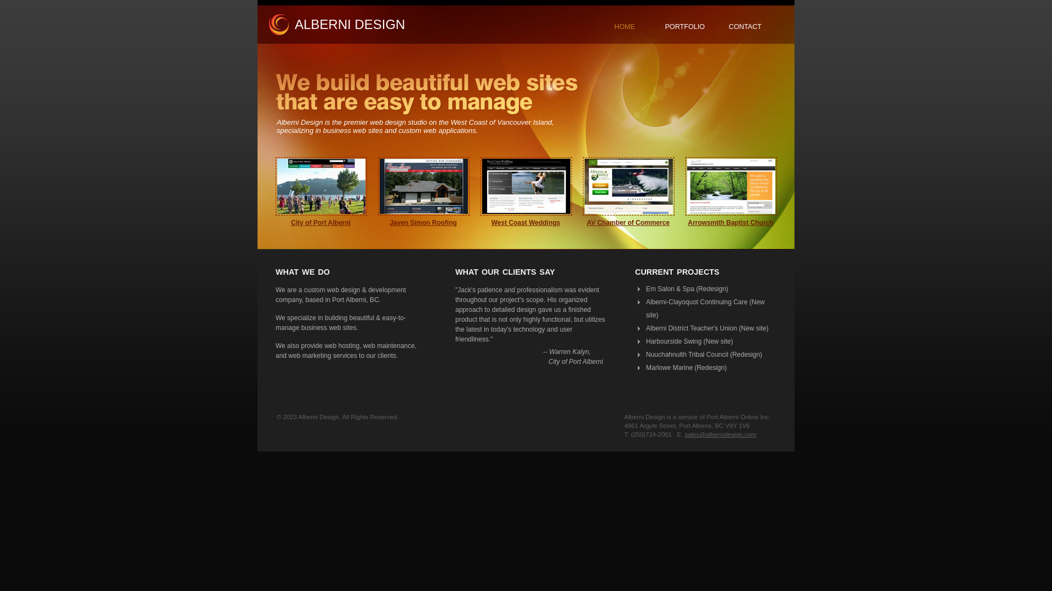 The image size is (1052, 591). I want to click on 'PORTFOLIO', so click(665, 26).